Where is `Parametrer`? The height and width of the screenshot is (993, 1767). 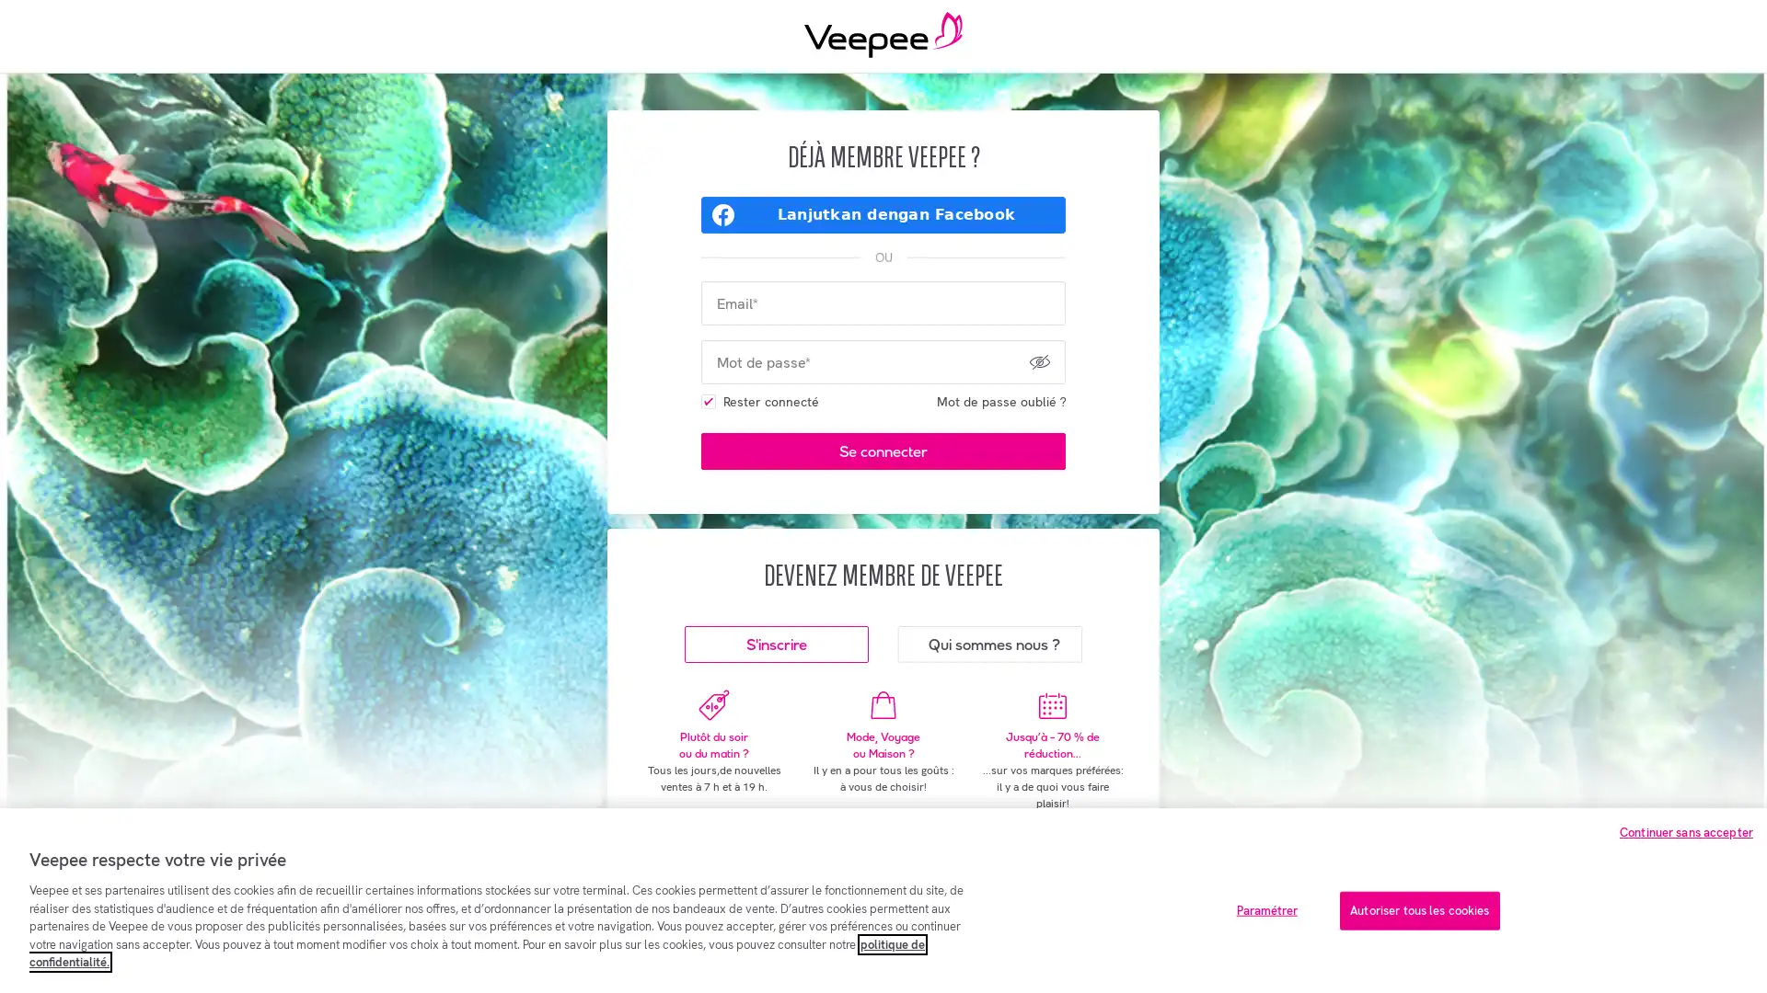 Parametrer is located at coordinates (1265, 910).